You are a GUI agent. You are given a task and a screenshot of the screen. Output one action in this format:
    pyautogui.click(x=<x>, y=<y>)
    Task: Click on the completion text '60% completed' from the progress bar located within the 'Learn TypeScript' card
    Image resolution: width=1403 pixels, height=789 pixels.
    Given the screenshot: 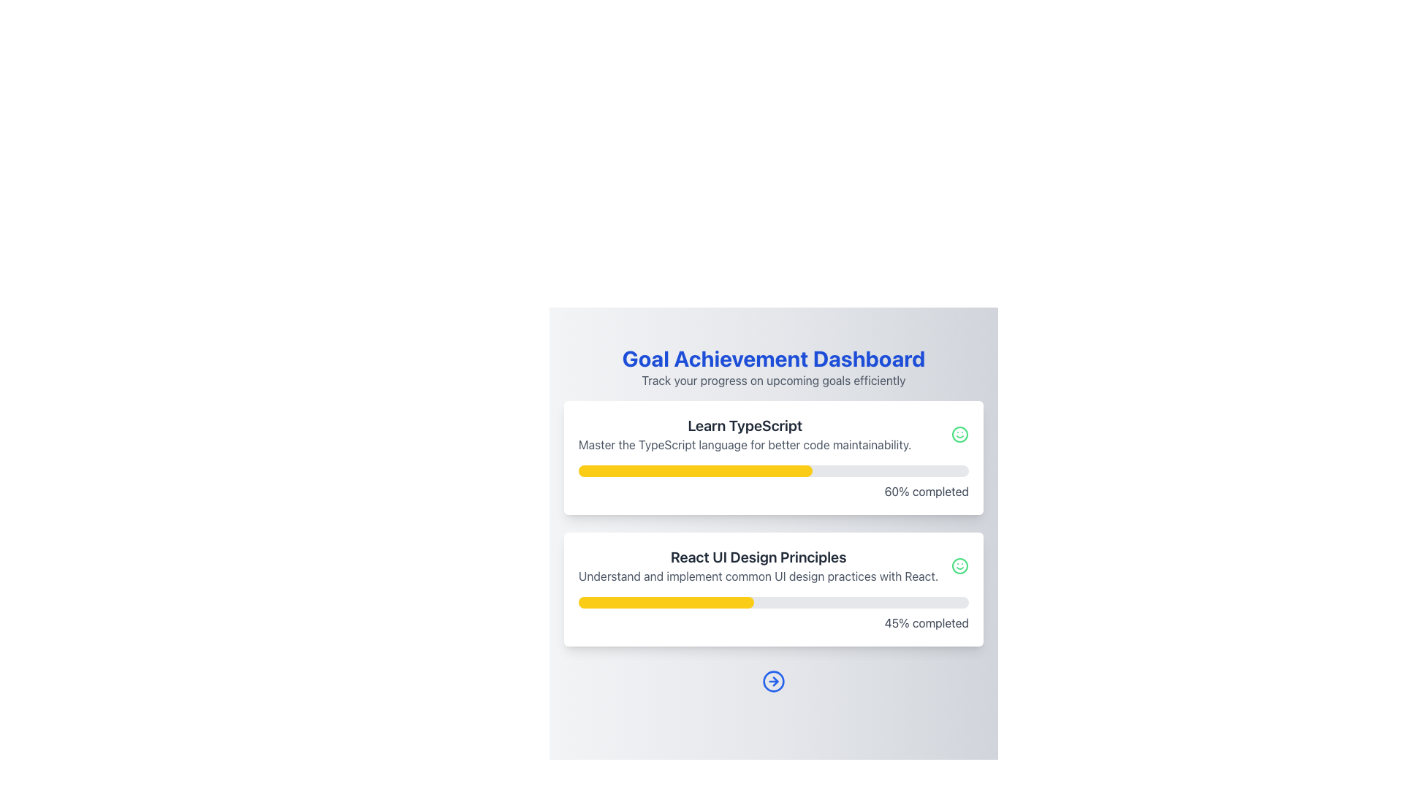 What is the action you would take?
    pyautogui.click(x=773, y=482)
    